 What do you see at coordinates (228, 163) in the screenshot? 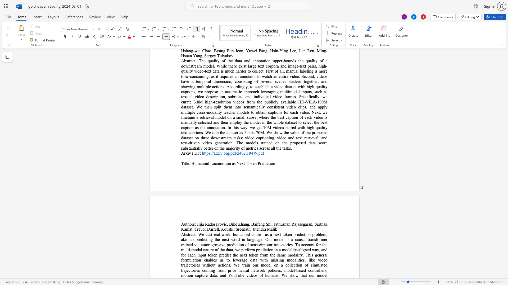
I see `the 5th character "o" in the text` at bounding box center [228, 163].